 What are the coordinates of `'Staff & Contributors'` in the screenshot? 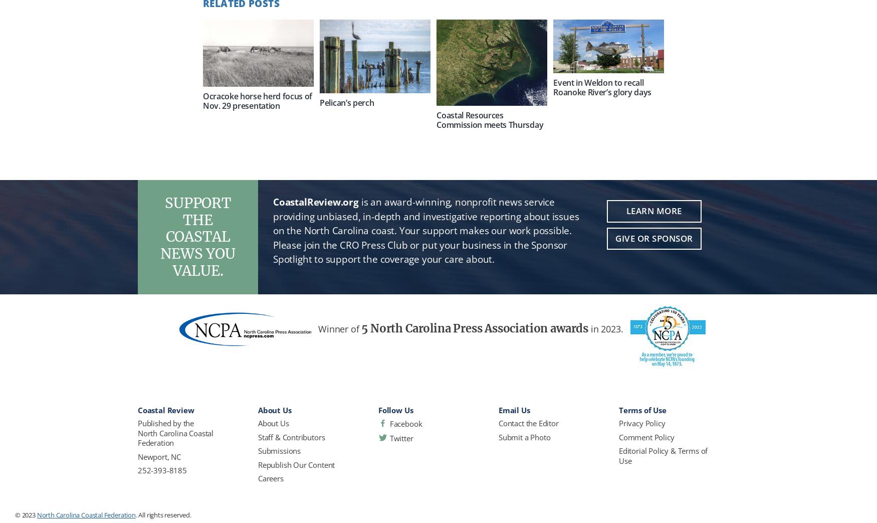 It's located at (291, 437).